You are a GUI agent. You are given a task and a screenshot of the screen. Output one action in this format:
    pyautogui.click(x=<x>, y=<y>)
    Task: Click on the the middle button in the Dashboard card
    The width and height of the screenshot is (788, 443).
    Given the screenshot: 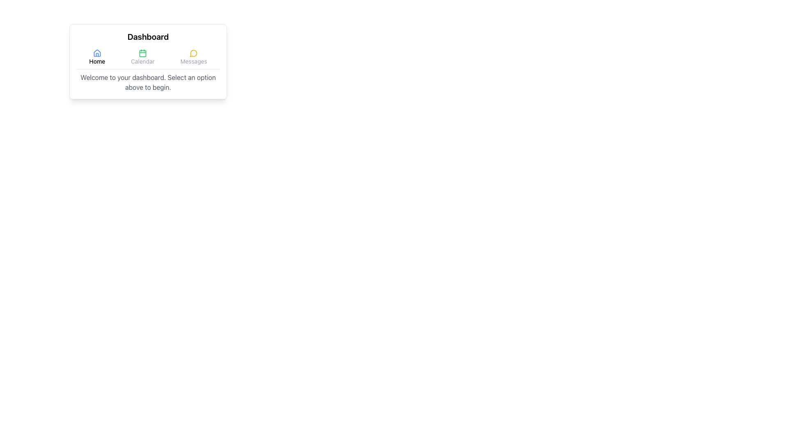 What is the action you would take?
    pyautogui.click(x=142, y=57)
    